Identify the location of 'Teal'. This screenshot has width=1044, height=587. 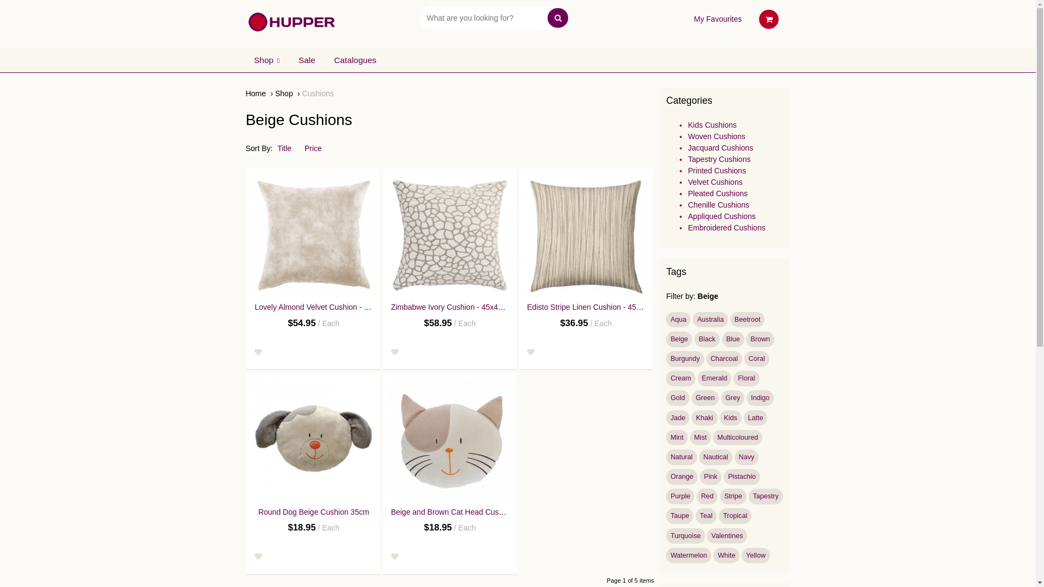
(706, 515).